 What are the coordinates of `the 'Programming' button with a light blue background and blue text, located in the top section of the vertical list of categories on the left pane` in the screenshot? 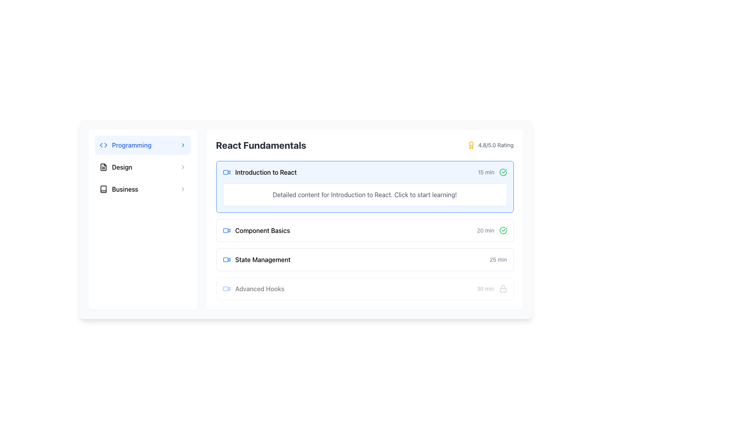 It's located at (143, 145).